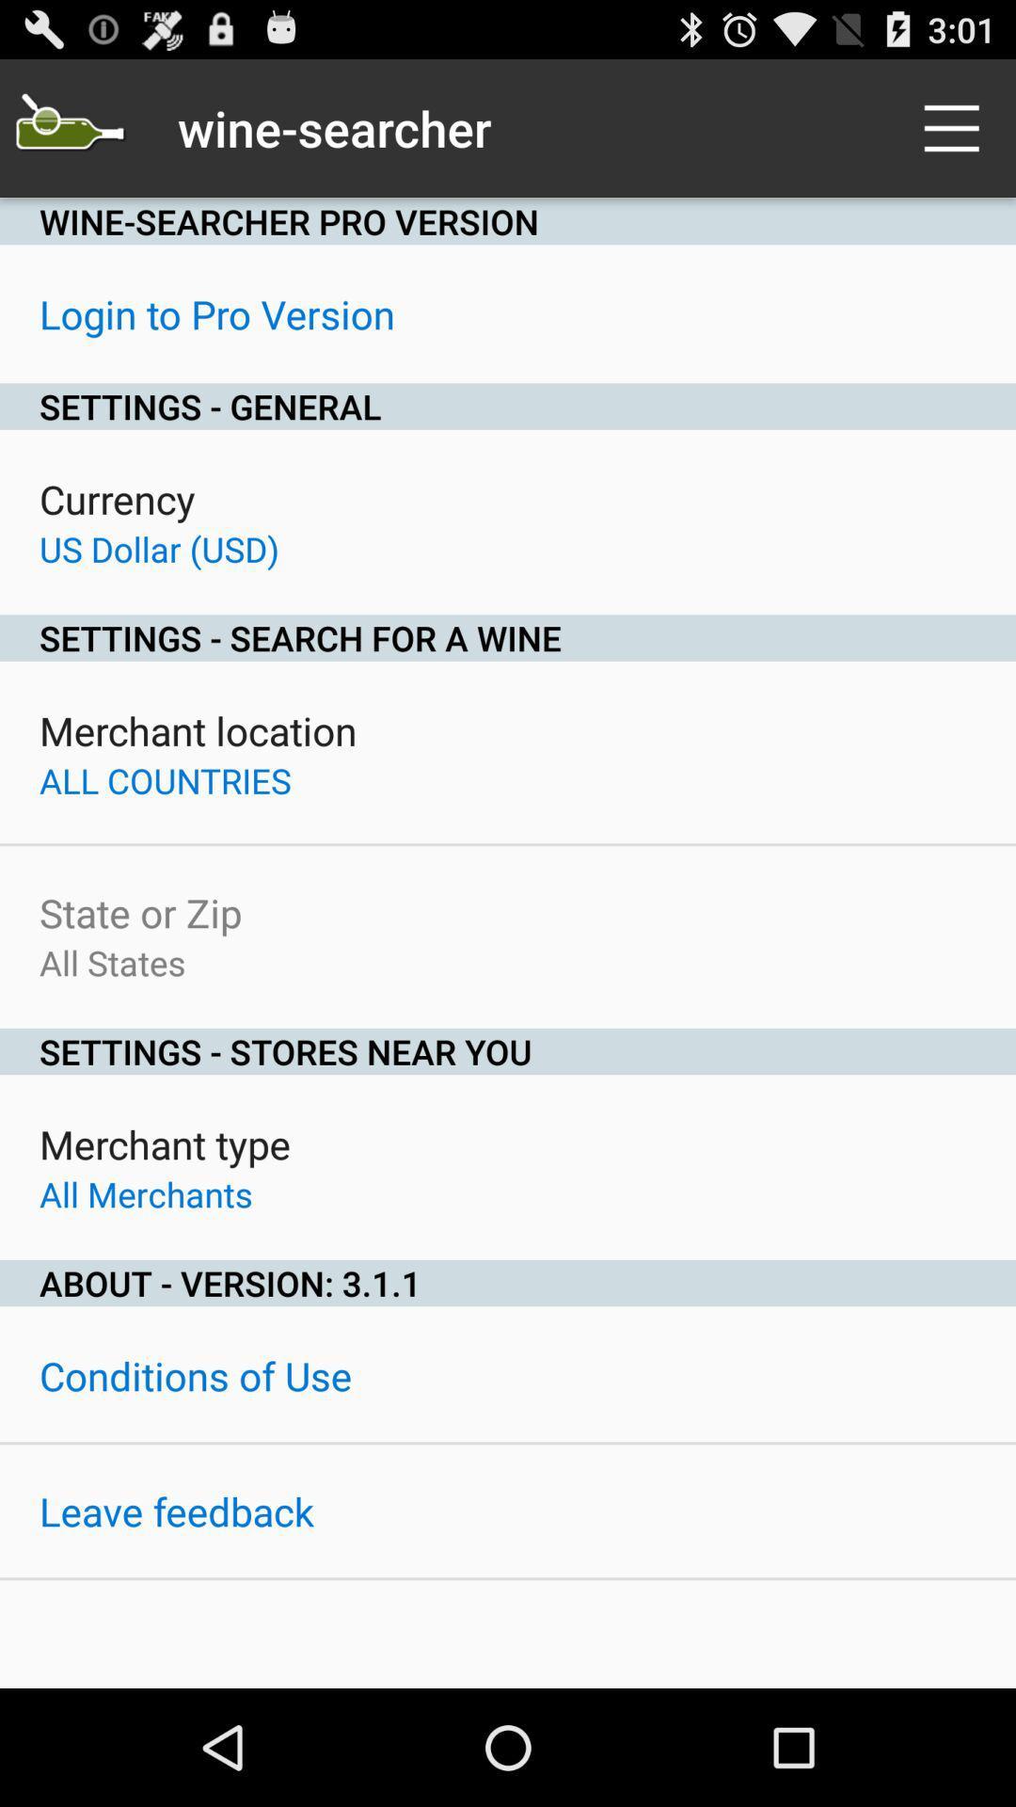 Image resolution: width=1016 pixels, height=1807 pixels. I want to click on the leave feedback item, so click(176, 1511).